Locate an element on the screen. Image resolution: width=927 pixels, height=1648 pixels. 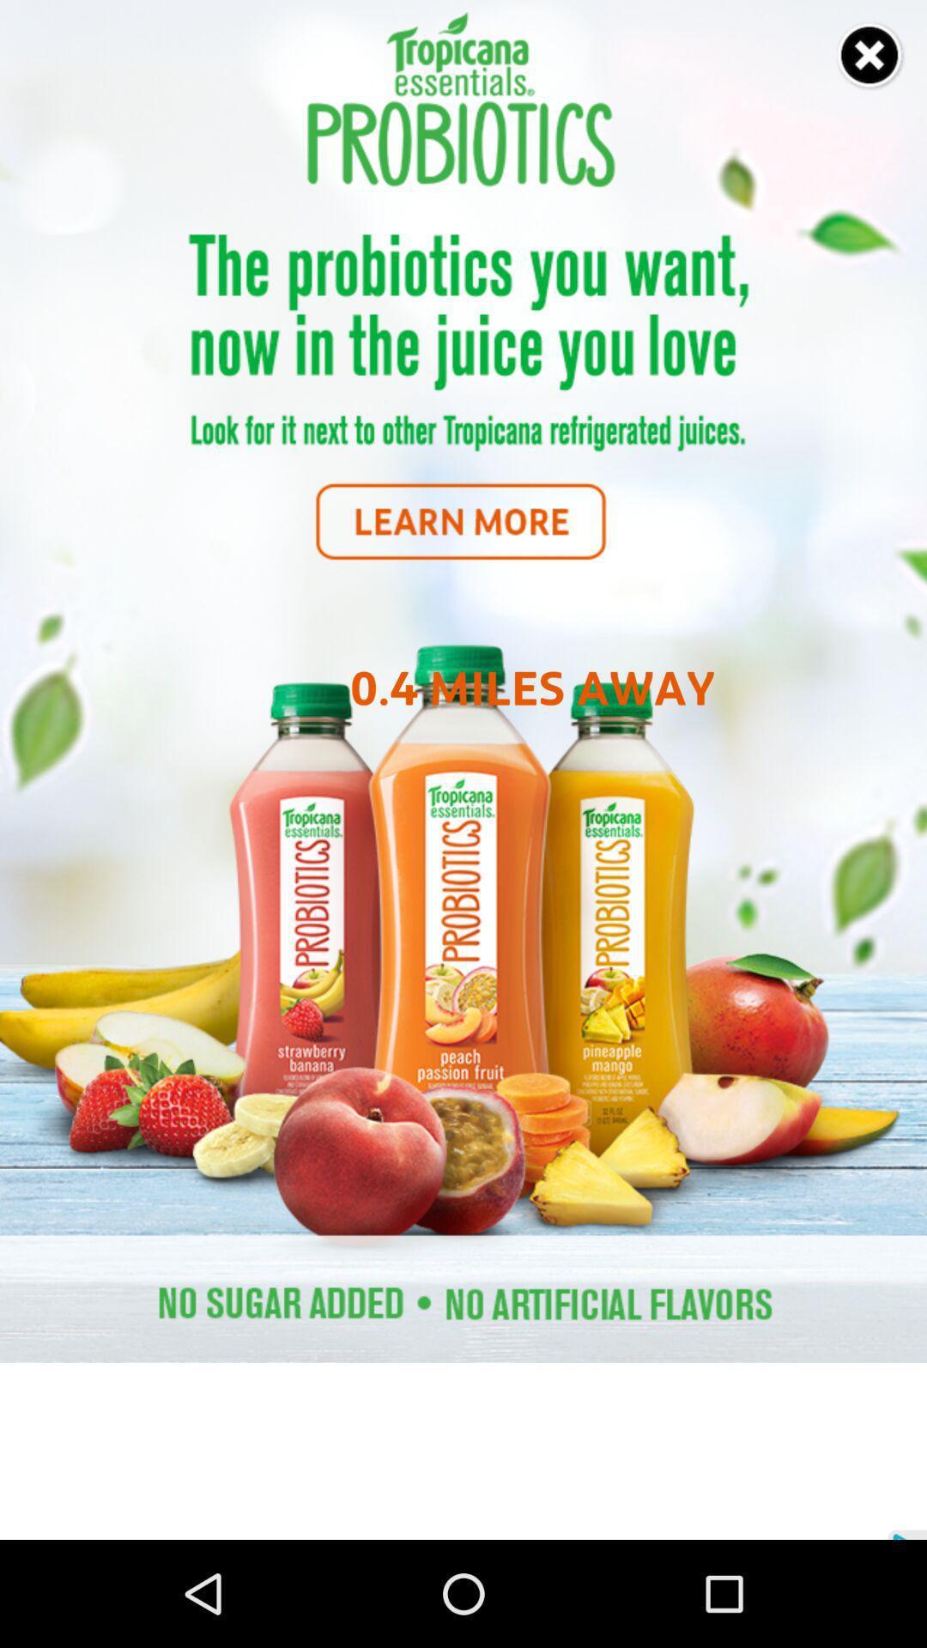
page is located at coordinates (870, 56).